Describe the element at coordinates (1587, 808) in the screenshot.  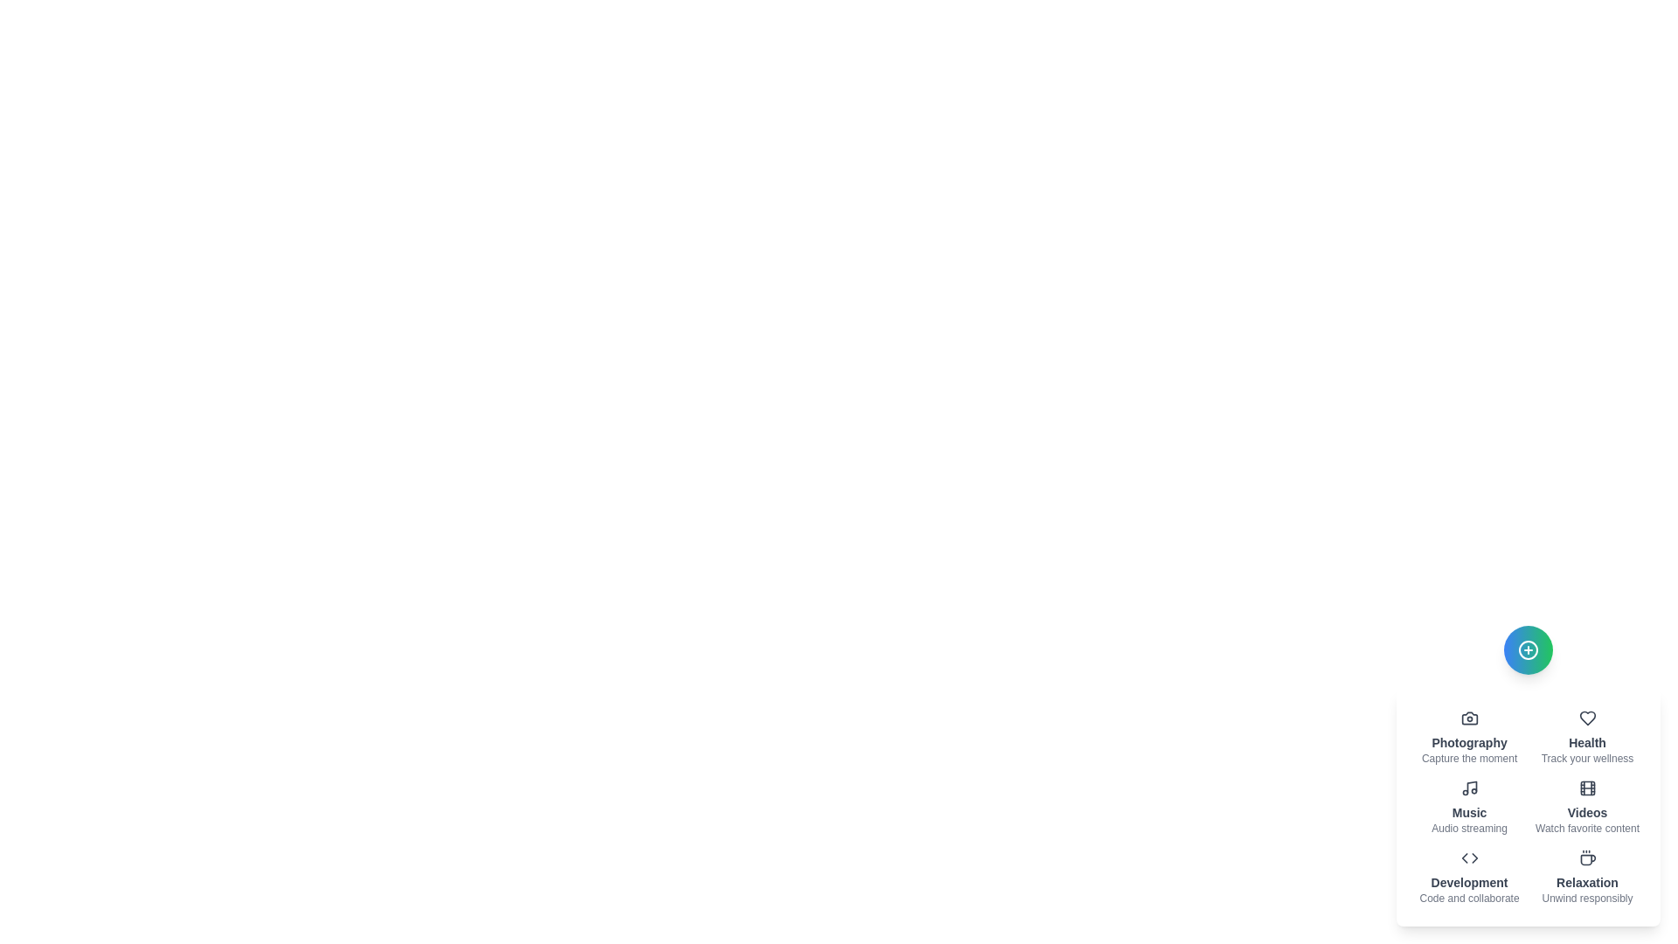
I see `the item labeled 'Videos' to observe its hover effect` at that location.